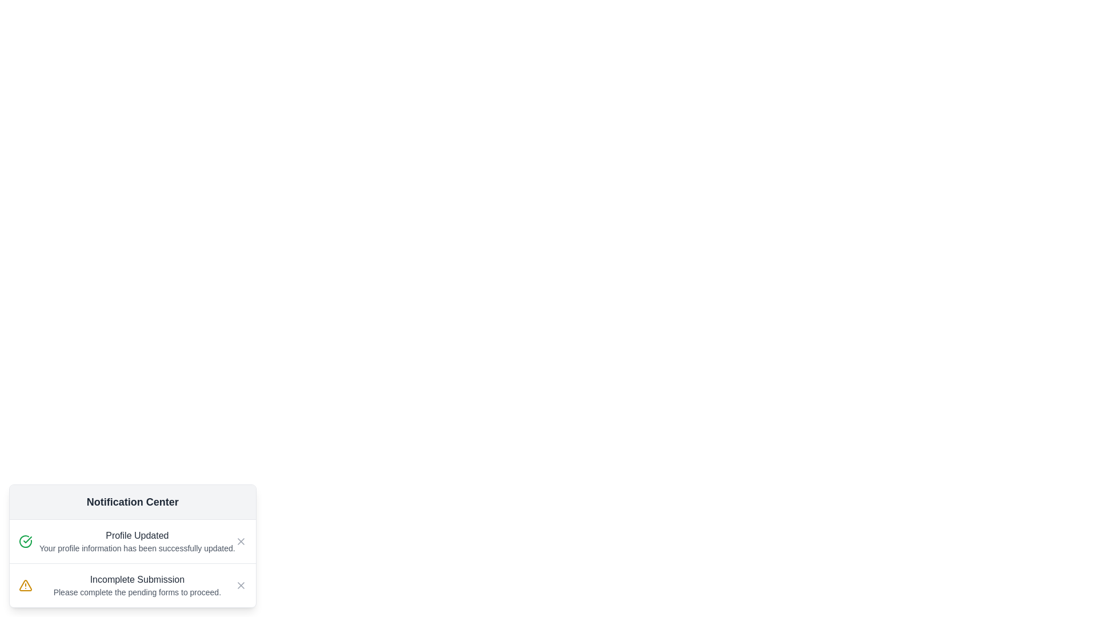 Image resolution: width=1097 pixels, height=617 pixels. Describe the element at coordinates (25, 586) in the screenshot. I see `the alert icon indicating 'Incomplete Submission' located at the bottom-left of the interface` at that location.